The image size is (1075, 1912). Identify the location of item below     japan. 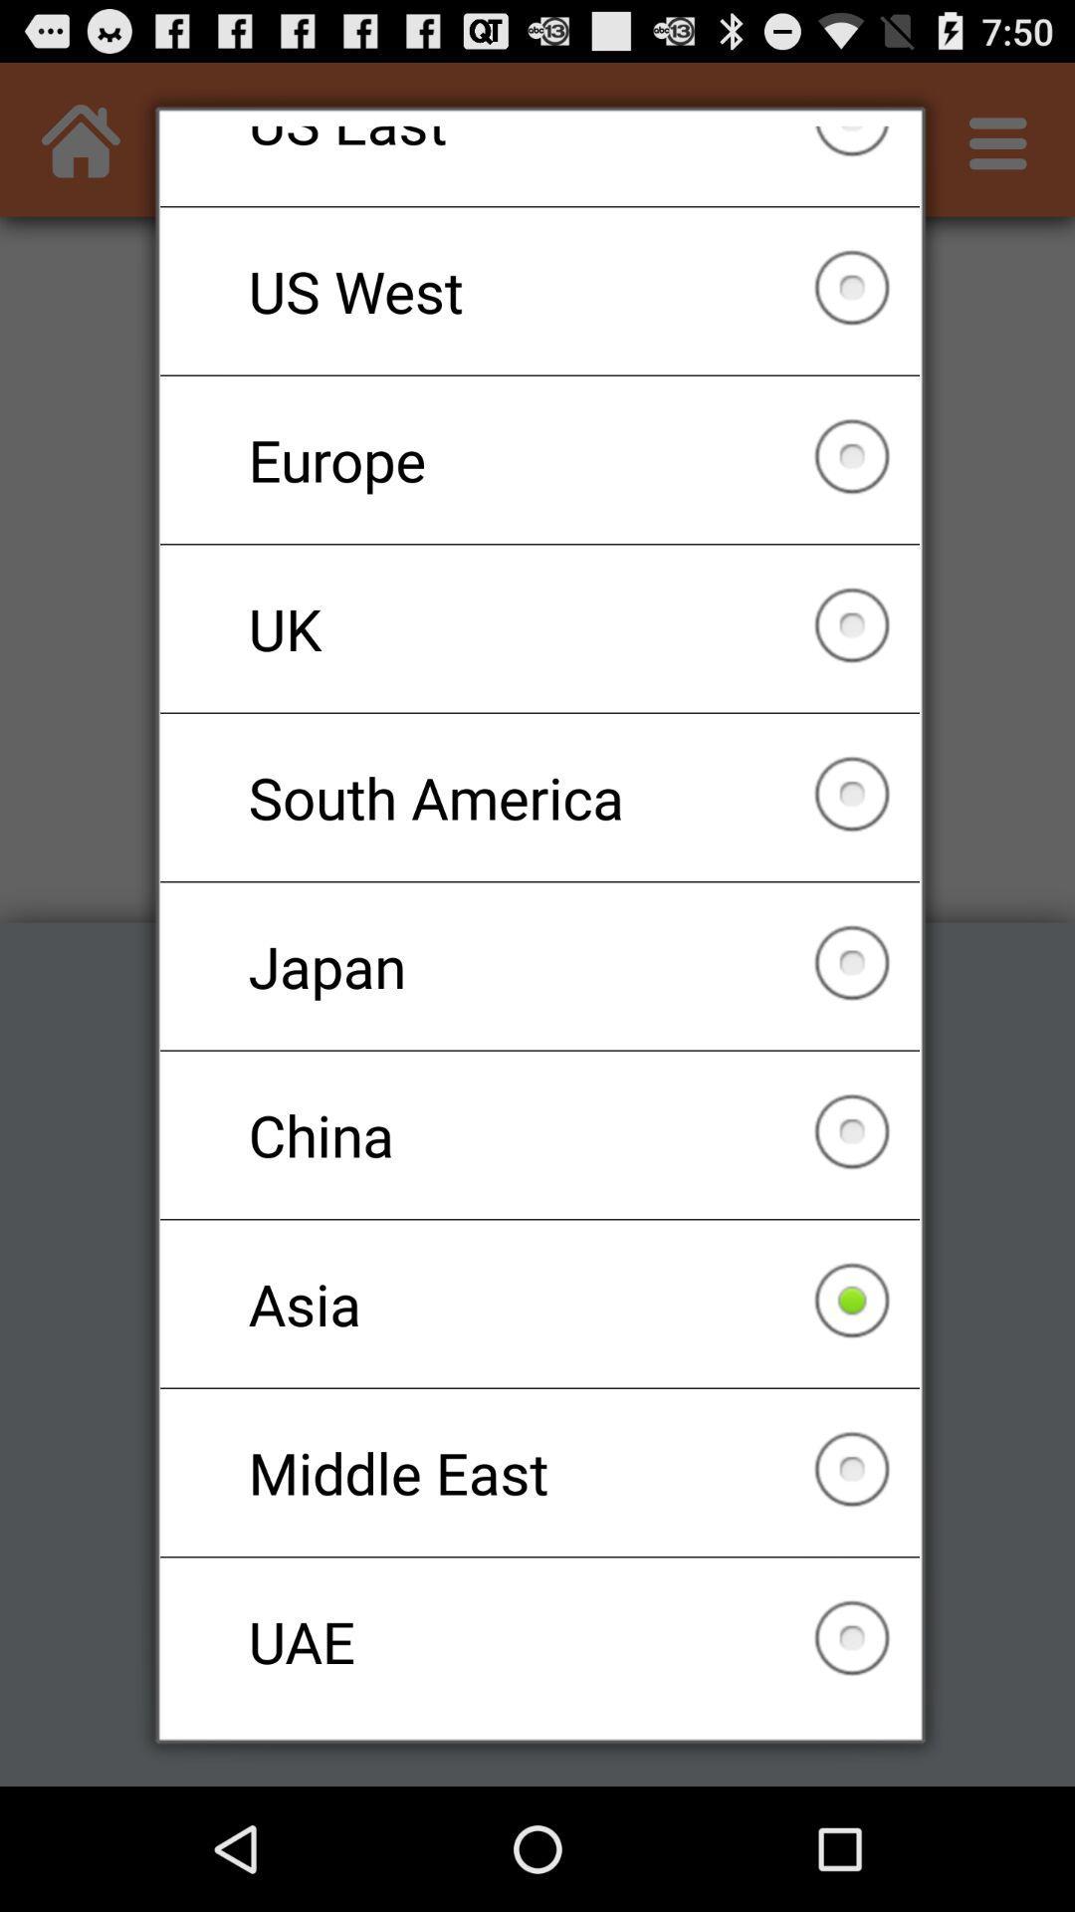
(539, 1135).